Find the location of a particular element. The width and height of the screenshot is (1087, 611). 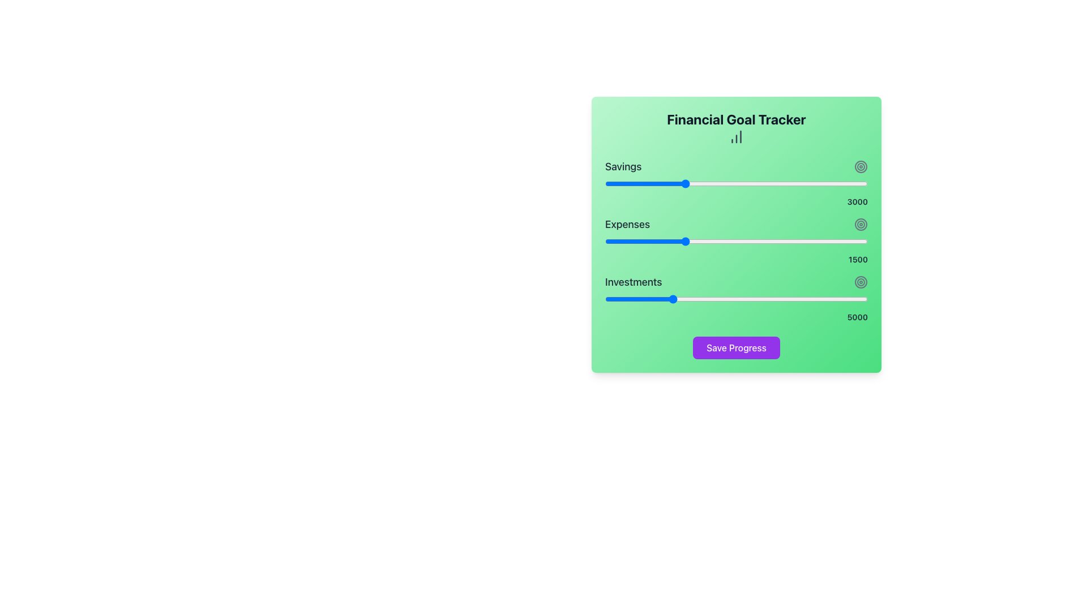

the Savings slider is located at coordinates (710, 183).